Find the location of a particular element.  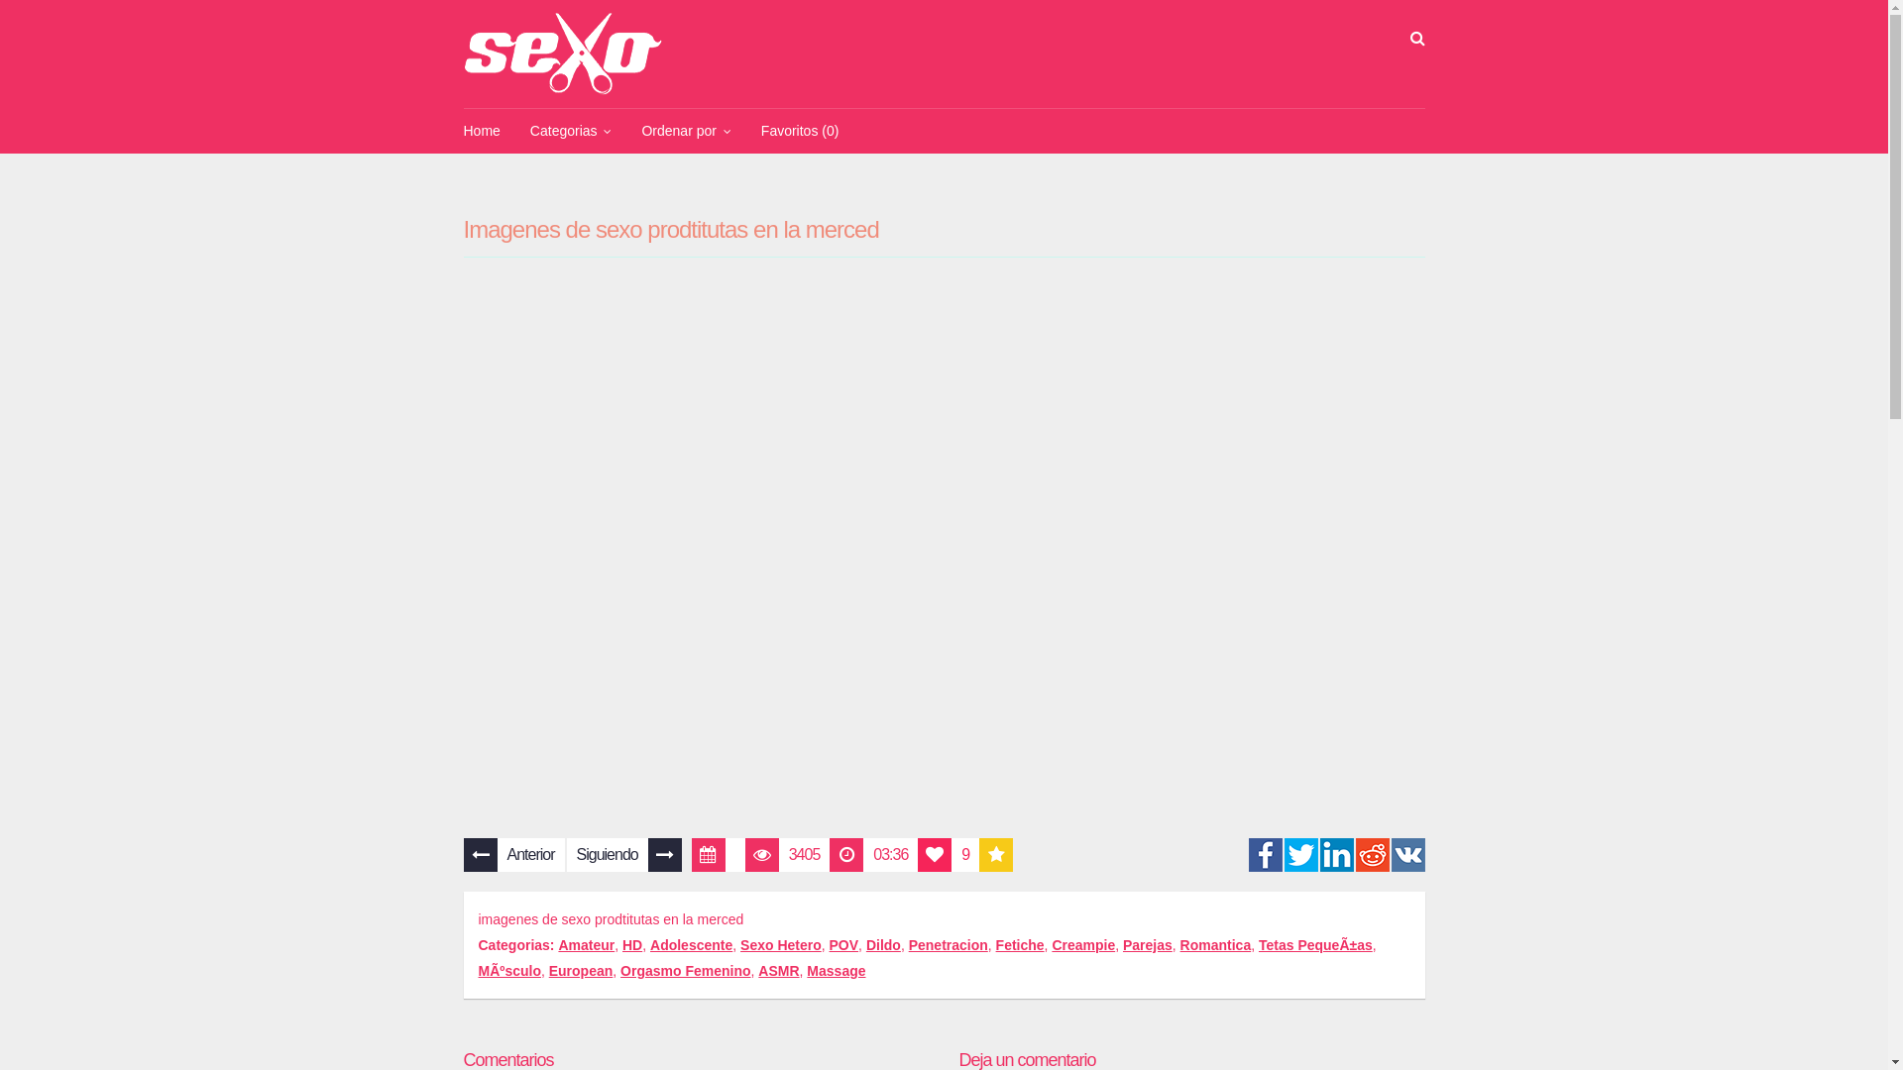

'Parejas' is located at coordinates (1147, 943).